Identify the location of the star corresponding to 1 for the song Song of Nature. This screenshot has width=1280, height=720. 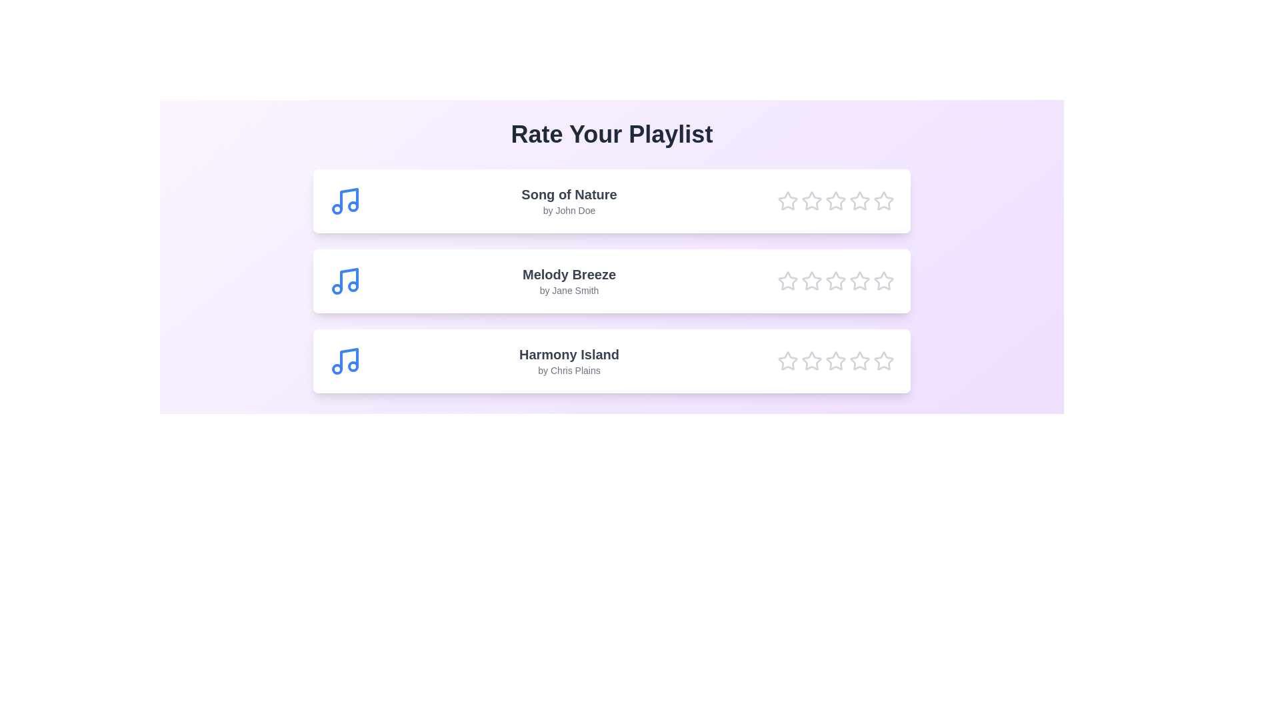
(787, 201).